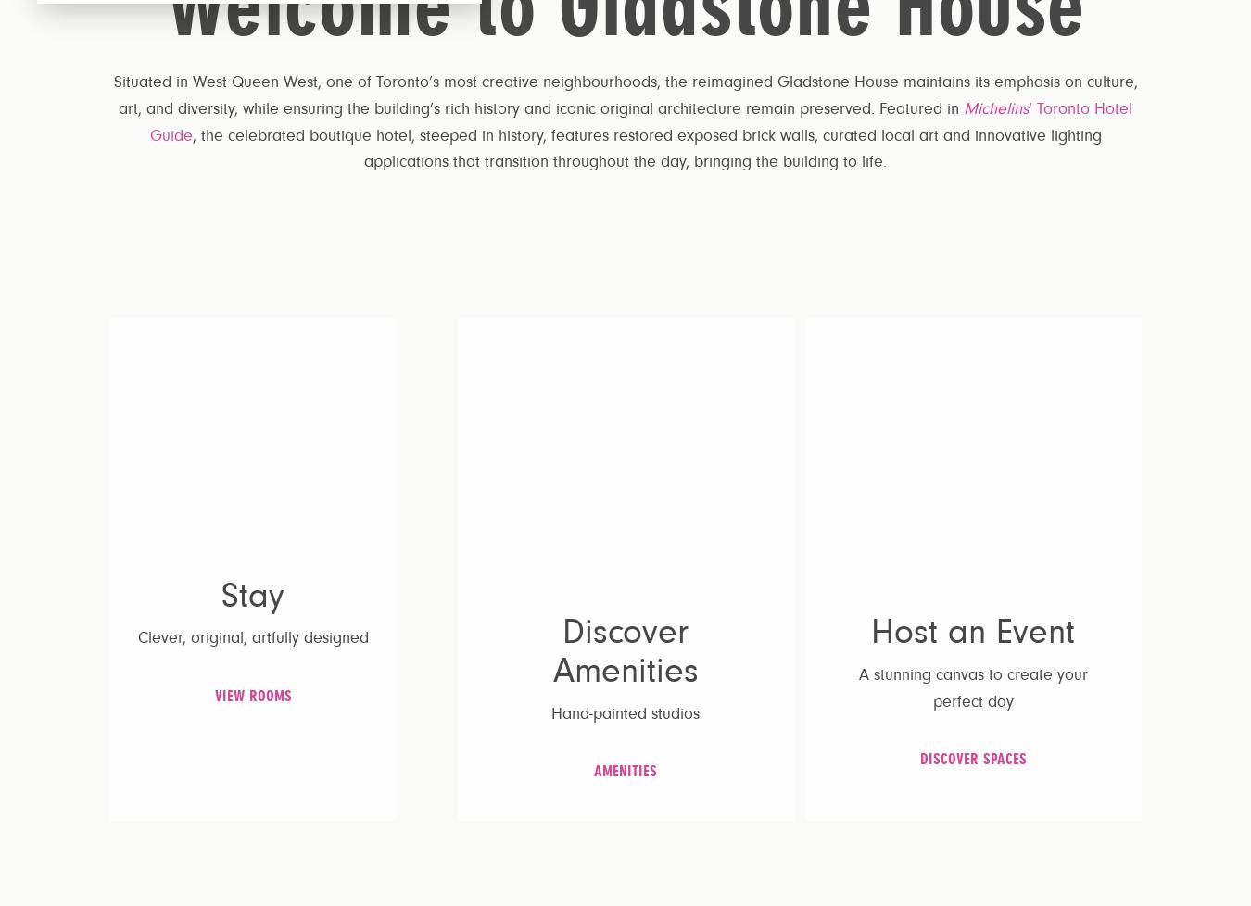  What do you see at coordinates (1160, 44) in the screenshot?
I see `'Book Stay'` at bounding box center [1160, 44].